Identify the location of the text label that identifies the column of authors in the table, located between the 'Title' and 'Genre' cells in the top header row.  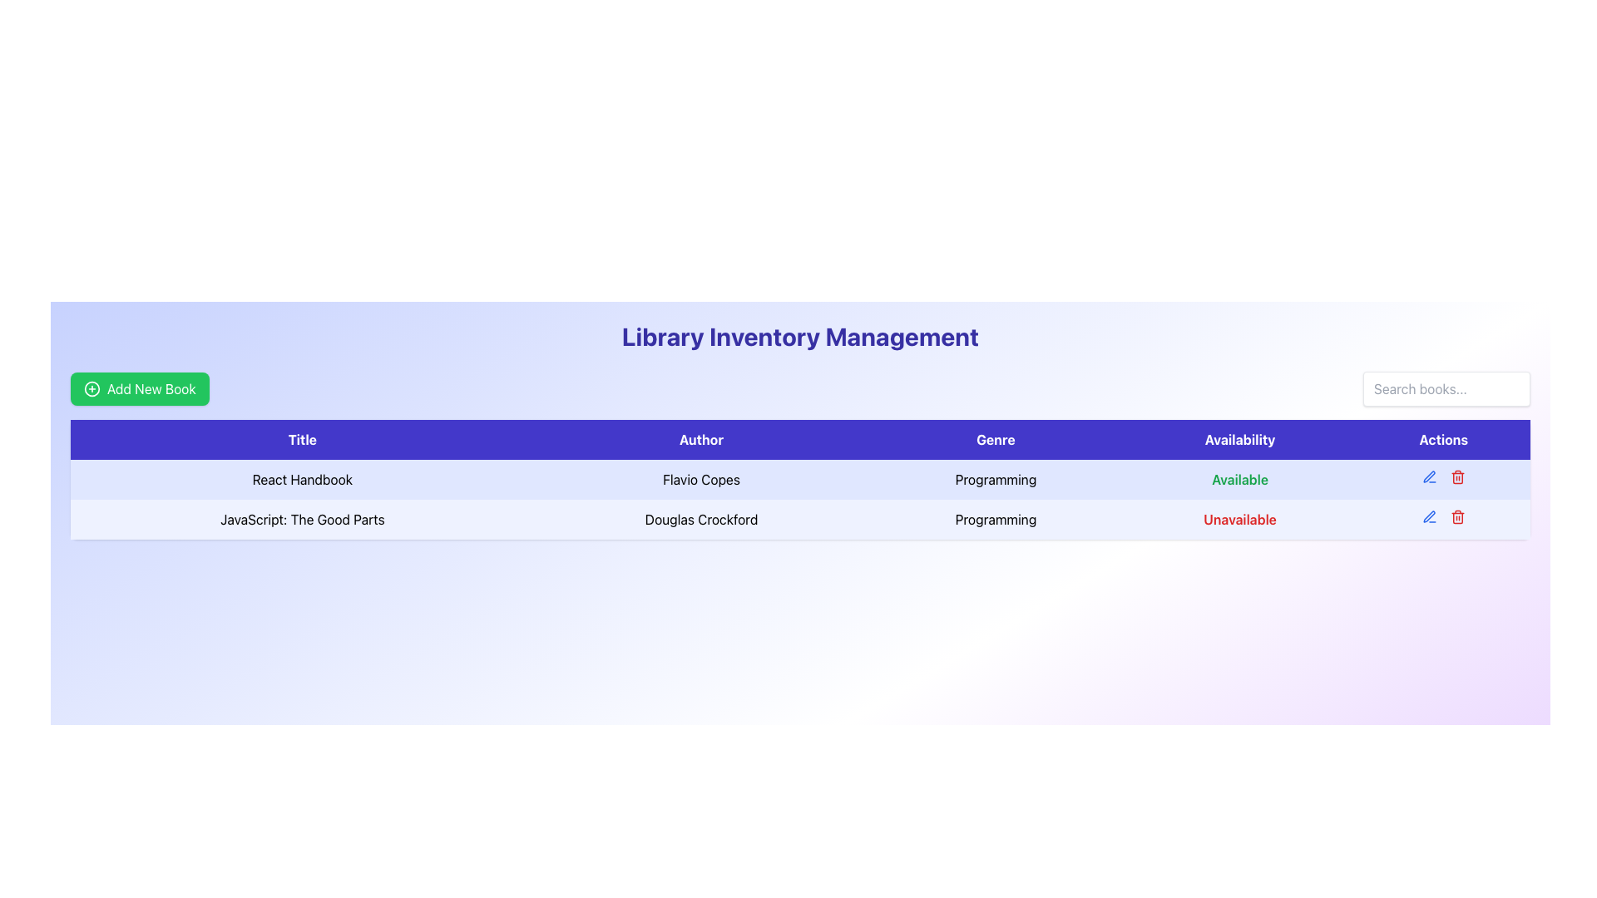
(701, 438).